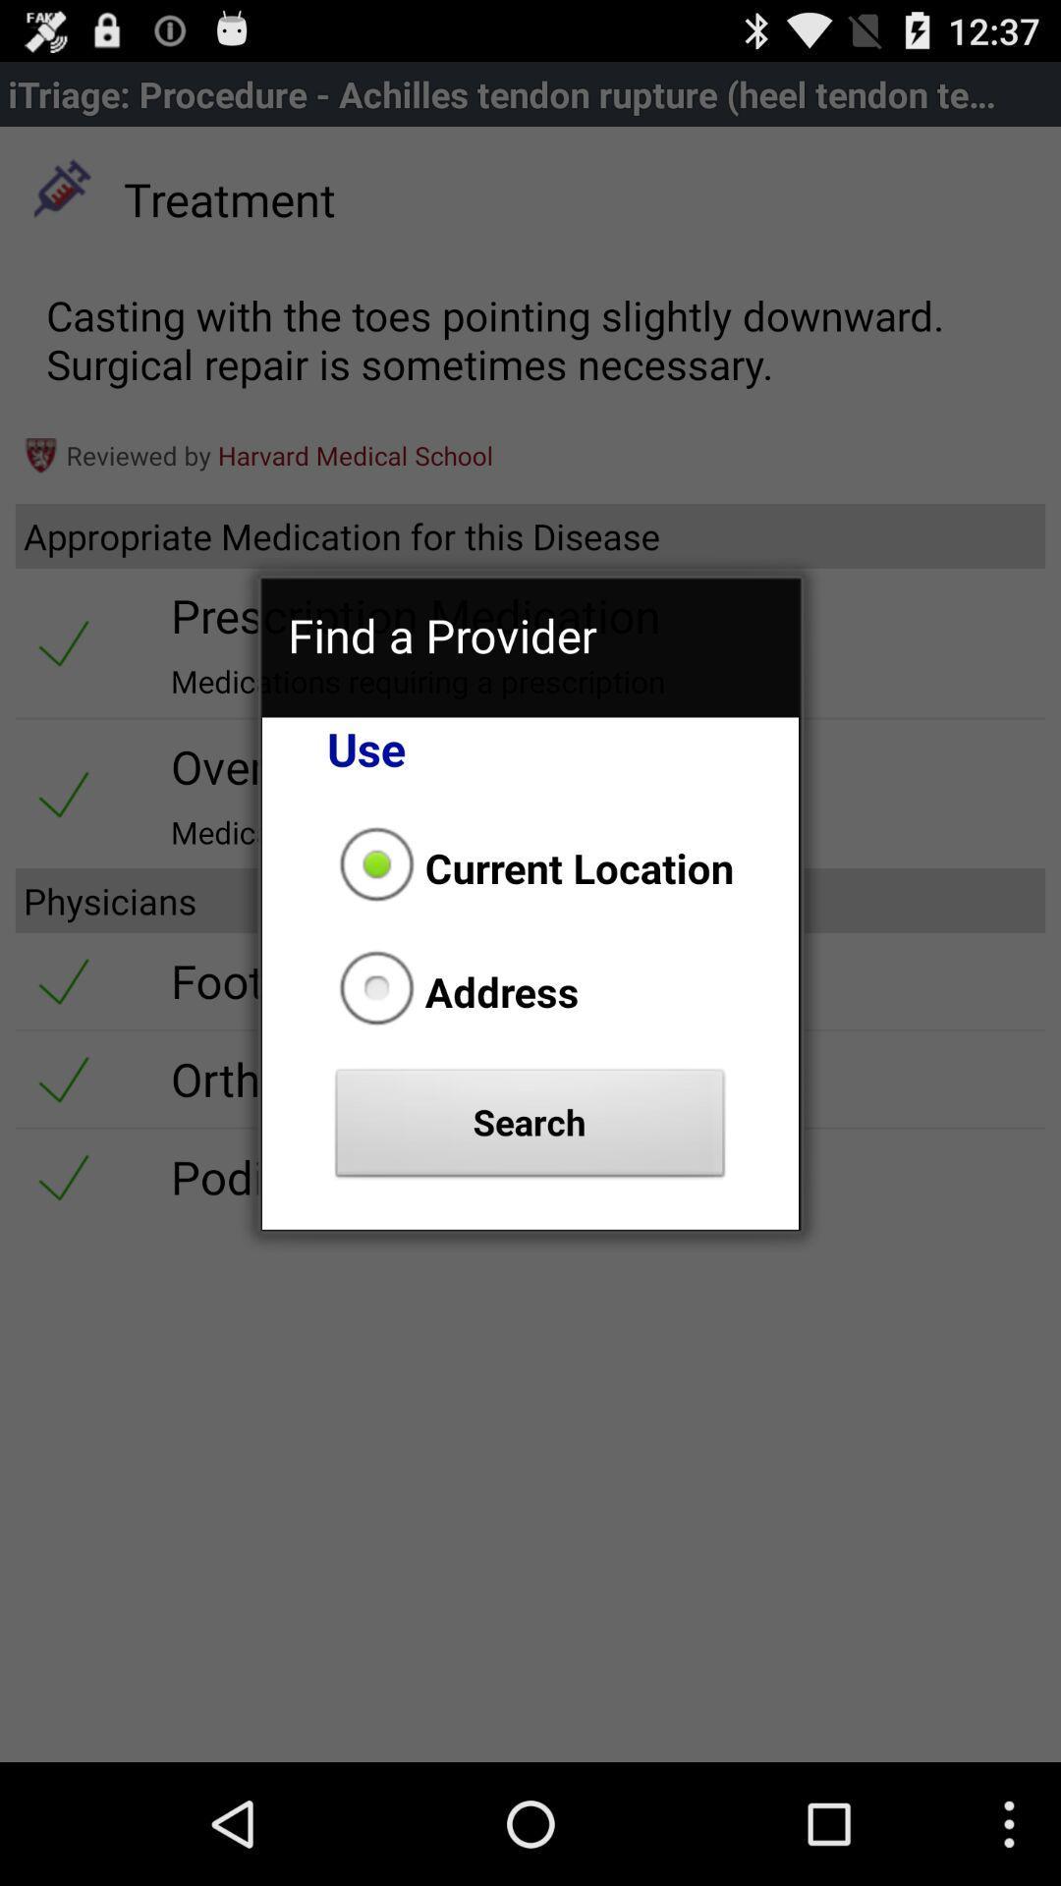 Image resolution: width=1061 pixels, height=1886 pixels. I want to click on radio button below current location icon, so click(453, 991).